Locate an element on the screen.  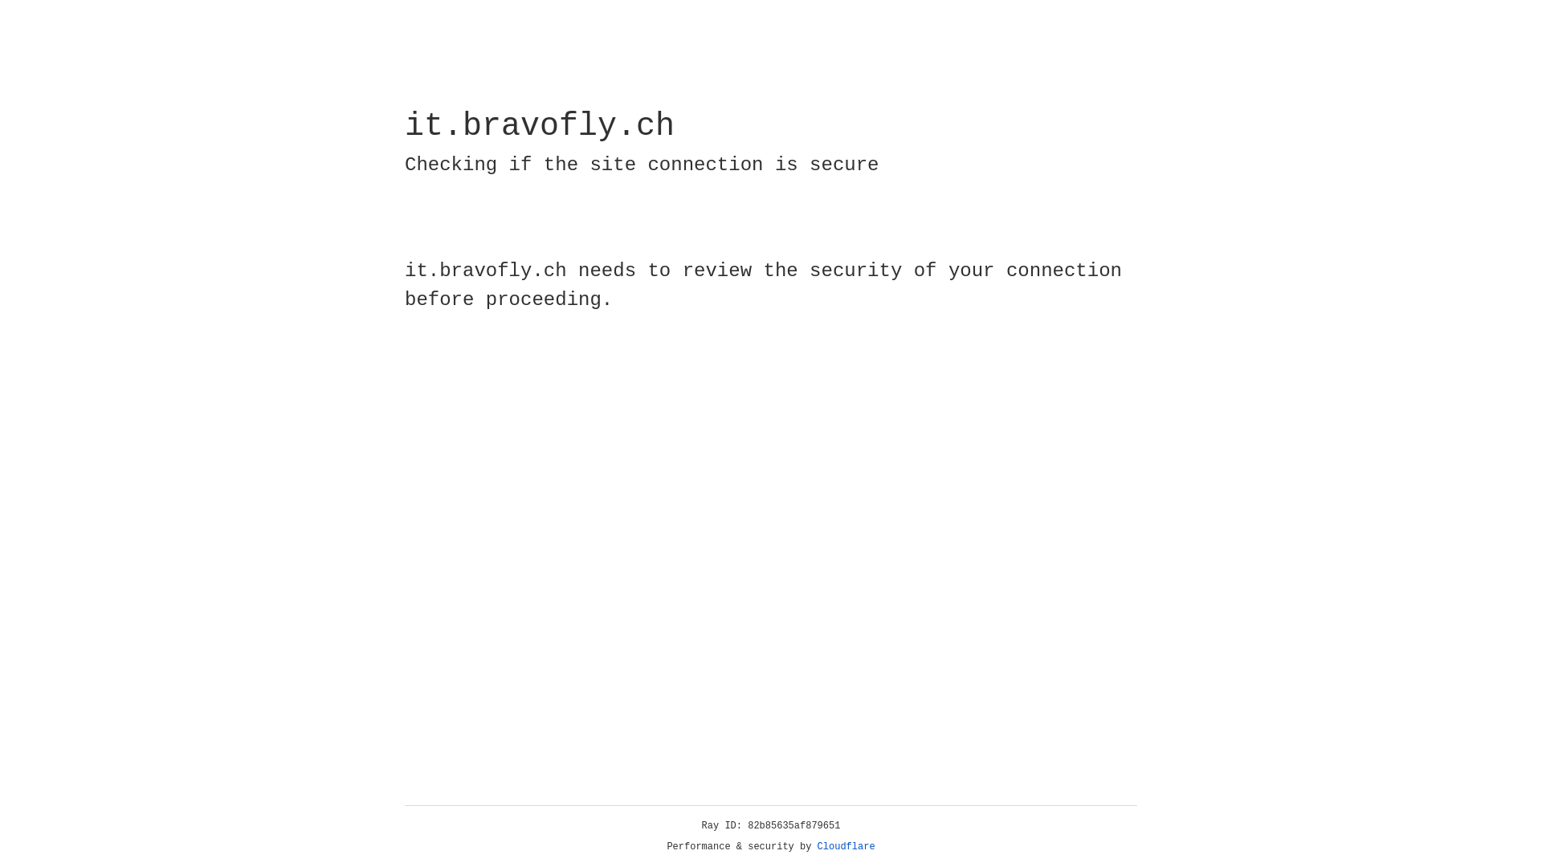
'Cloudflare' is located at coordinates (846, 846).